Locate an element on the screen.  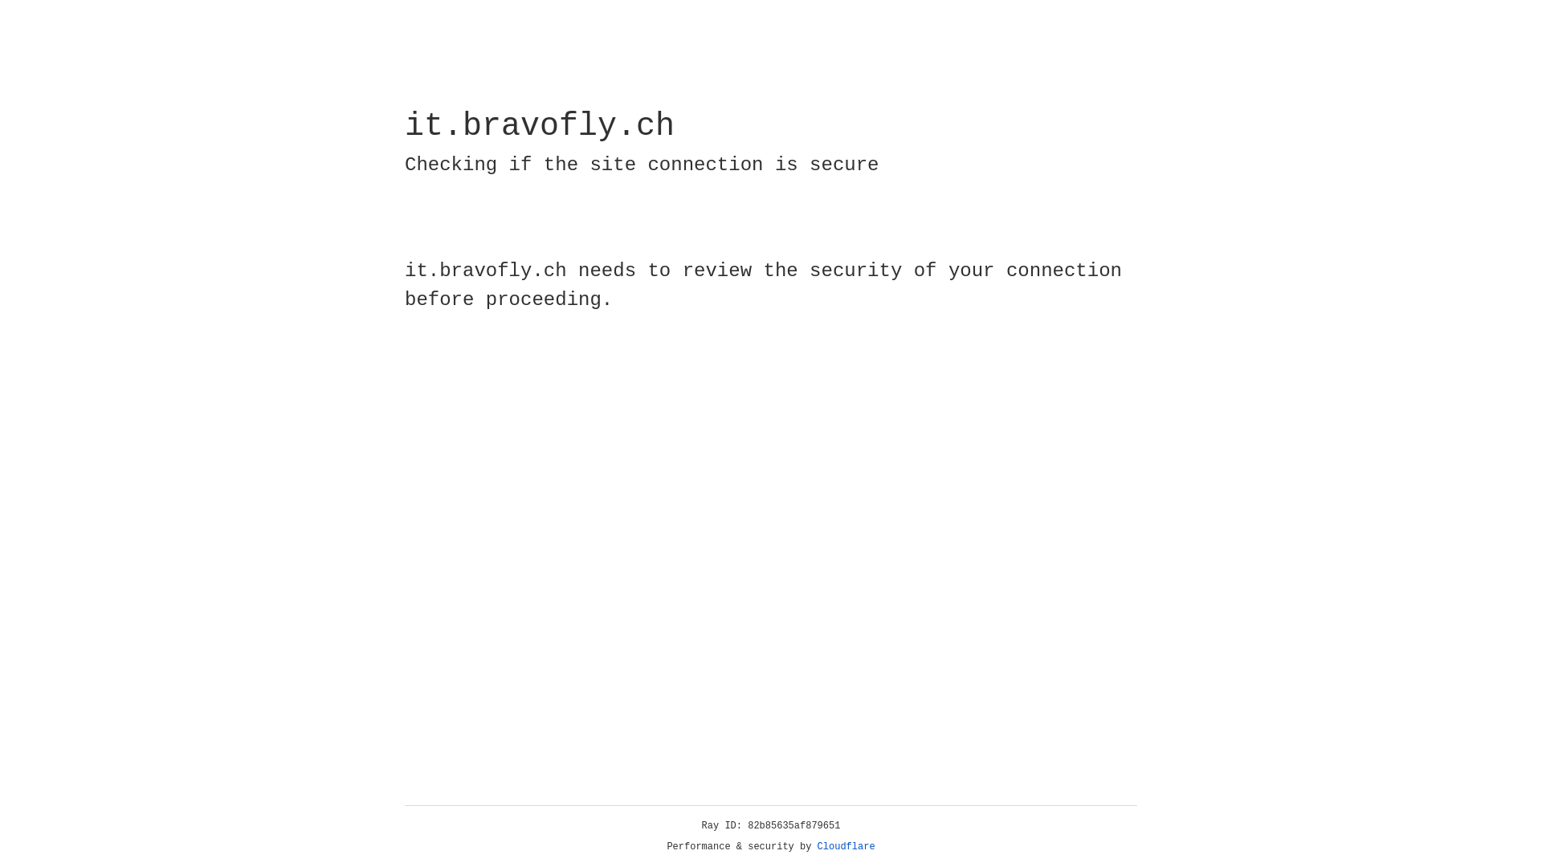
'Cloudflare' is located at coordinates (846, 846).